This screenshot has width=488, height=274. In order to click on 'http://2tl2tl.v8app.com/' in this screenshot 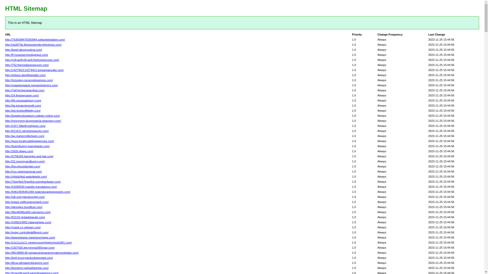, I will do `click(19, 151)`.